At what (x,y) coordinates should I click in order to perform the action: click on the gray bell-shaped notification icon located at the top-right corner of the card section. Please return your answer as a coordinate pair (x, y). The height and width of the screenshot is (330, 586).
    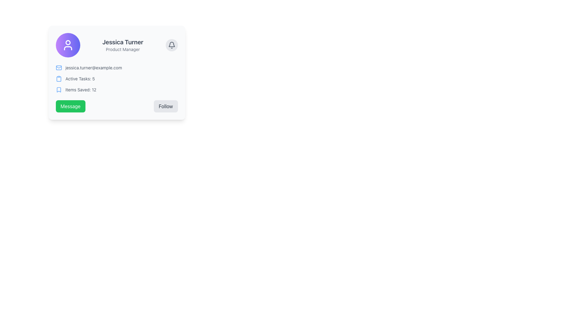
    Looking at the image, I should click on (171, 45).